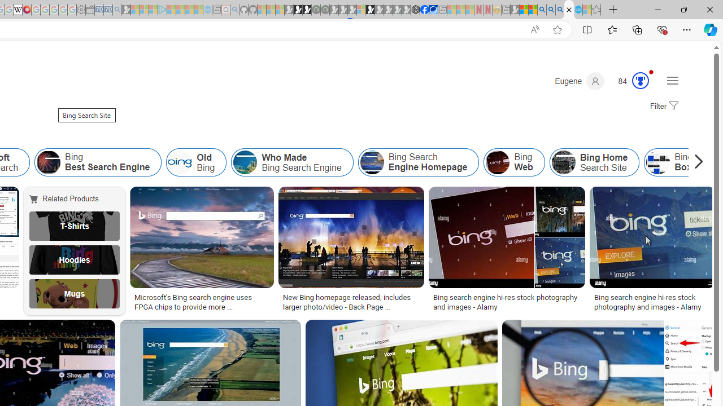  What do you see at coordinates (18, 10) in the screenshot?
I see `'Target page - Wikipedia'` at bounding box center [18, 10].